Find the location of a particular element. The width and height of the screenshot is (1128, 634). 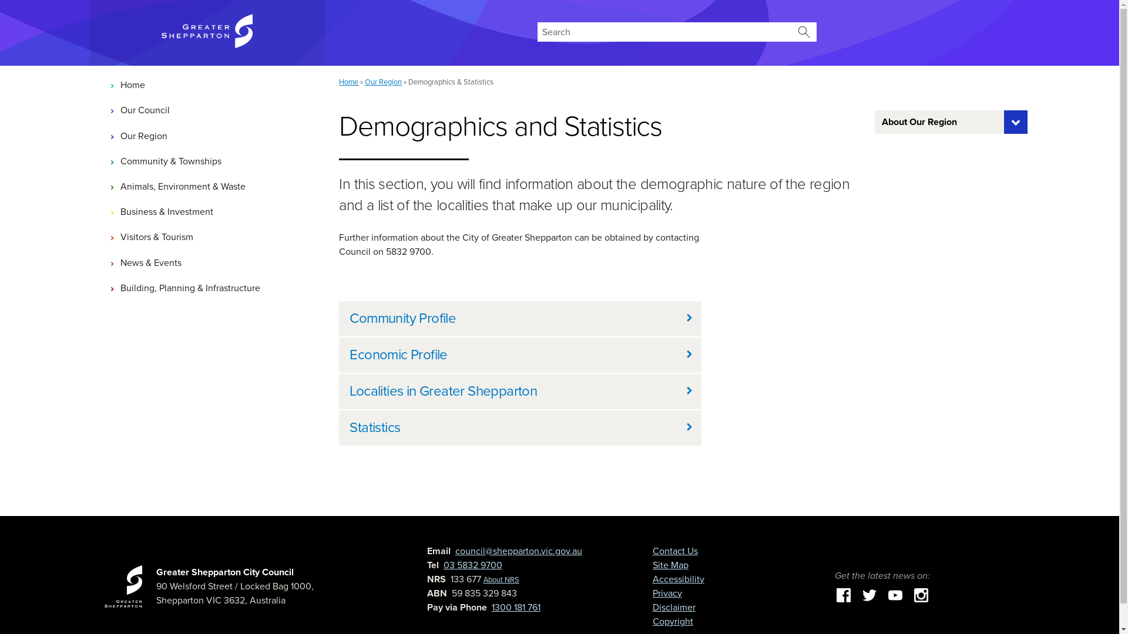

'Our Region' is located at coordinates (207, 135).